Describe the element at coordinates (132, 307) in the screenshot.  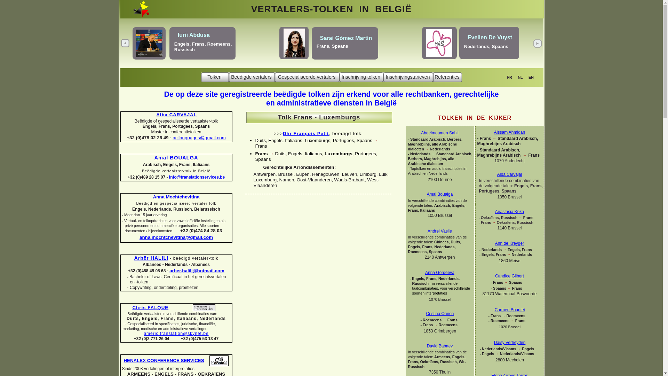
I see `'Chris FALQUE'` at that location.